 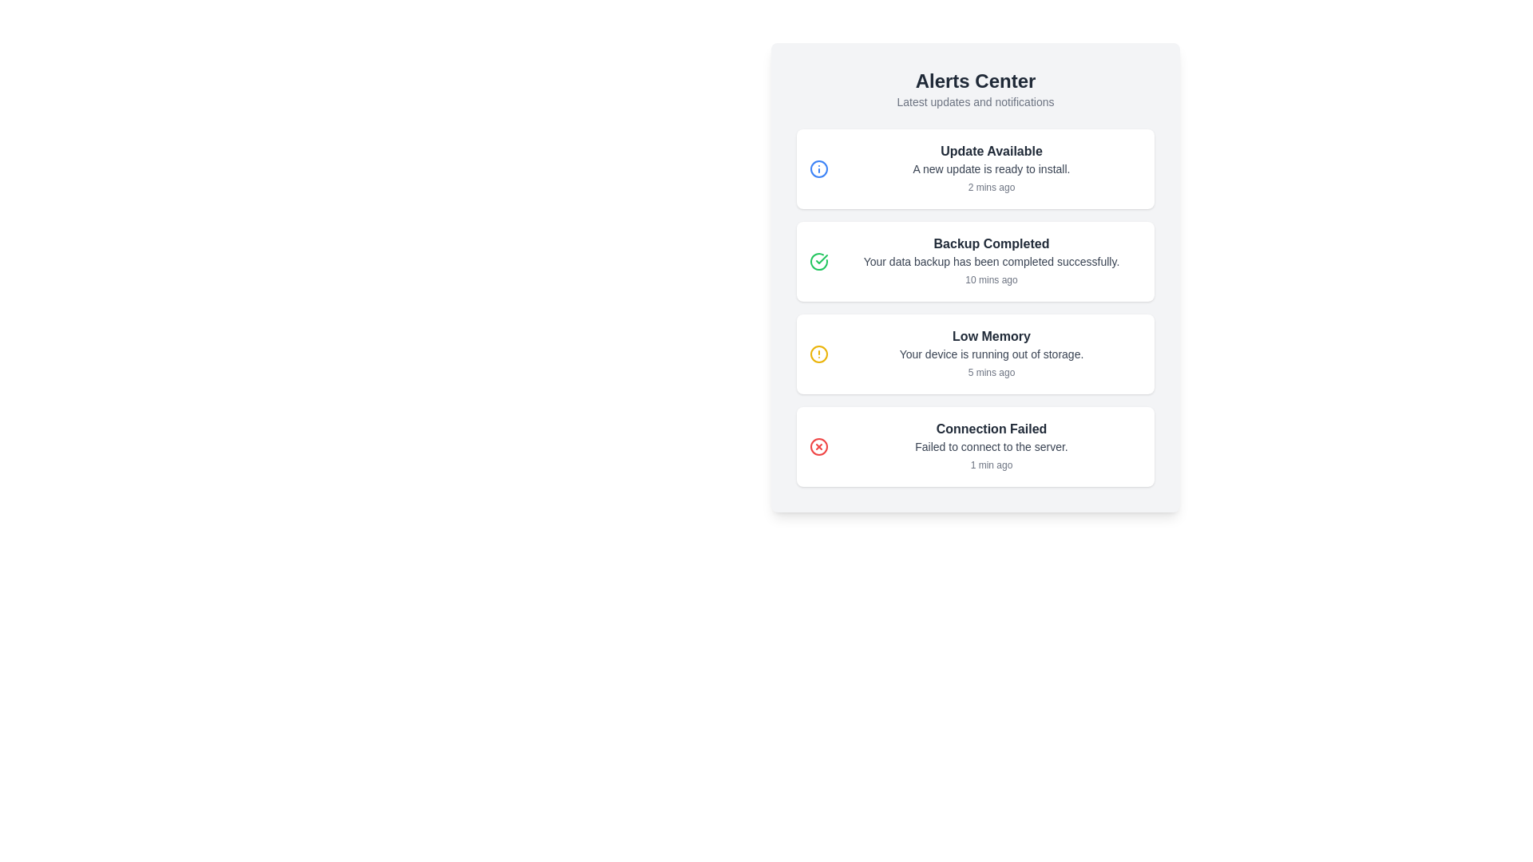 What do you see at coordinates (991, 353) in the screenshot?
I see `the Notification card that alerts the user about low memory, located in the third slot of the notification list, to interact and view further details` at bounding box center [991, 353].